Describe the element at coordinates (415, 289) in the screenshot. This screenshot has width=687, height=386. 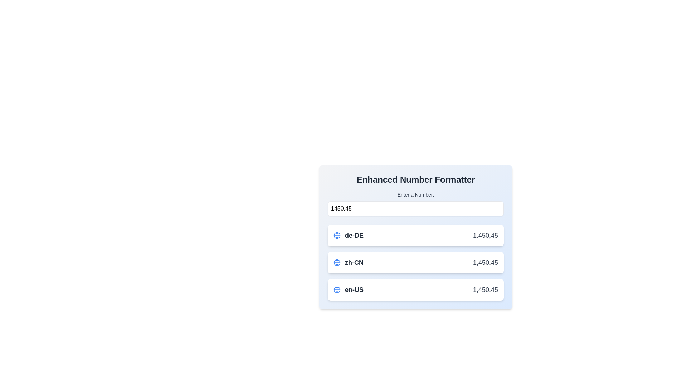
I see `values displayed in the third entry of the vertically stacked list, which shows the local identifier 'en-US' and the formatted number '1,450.45'` at that location.